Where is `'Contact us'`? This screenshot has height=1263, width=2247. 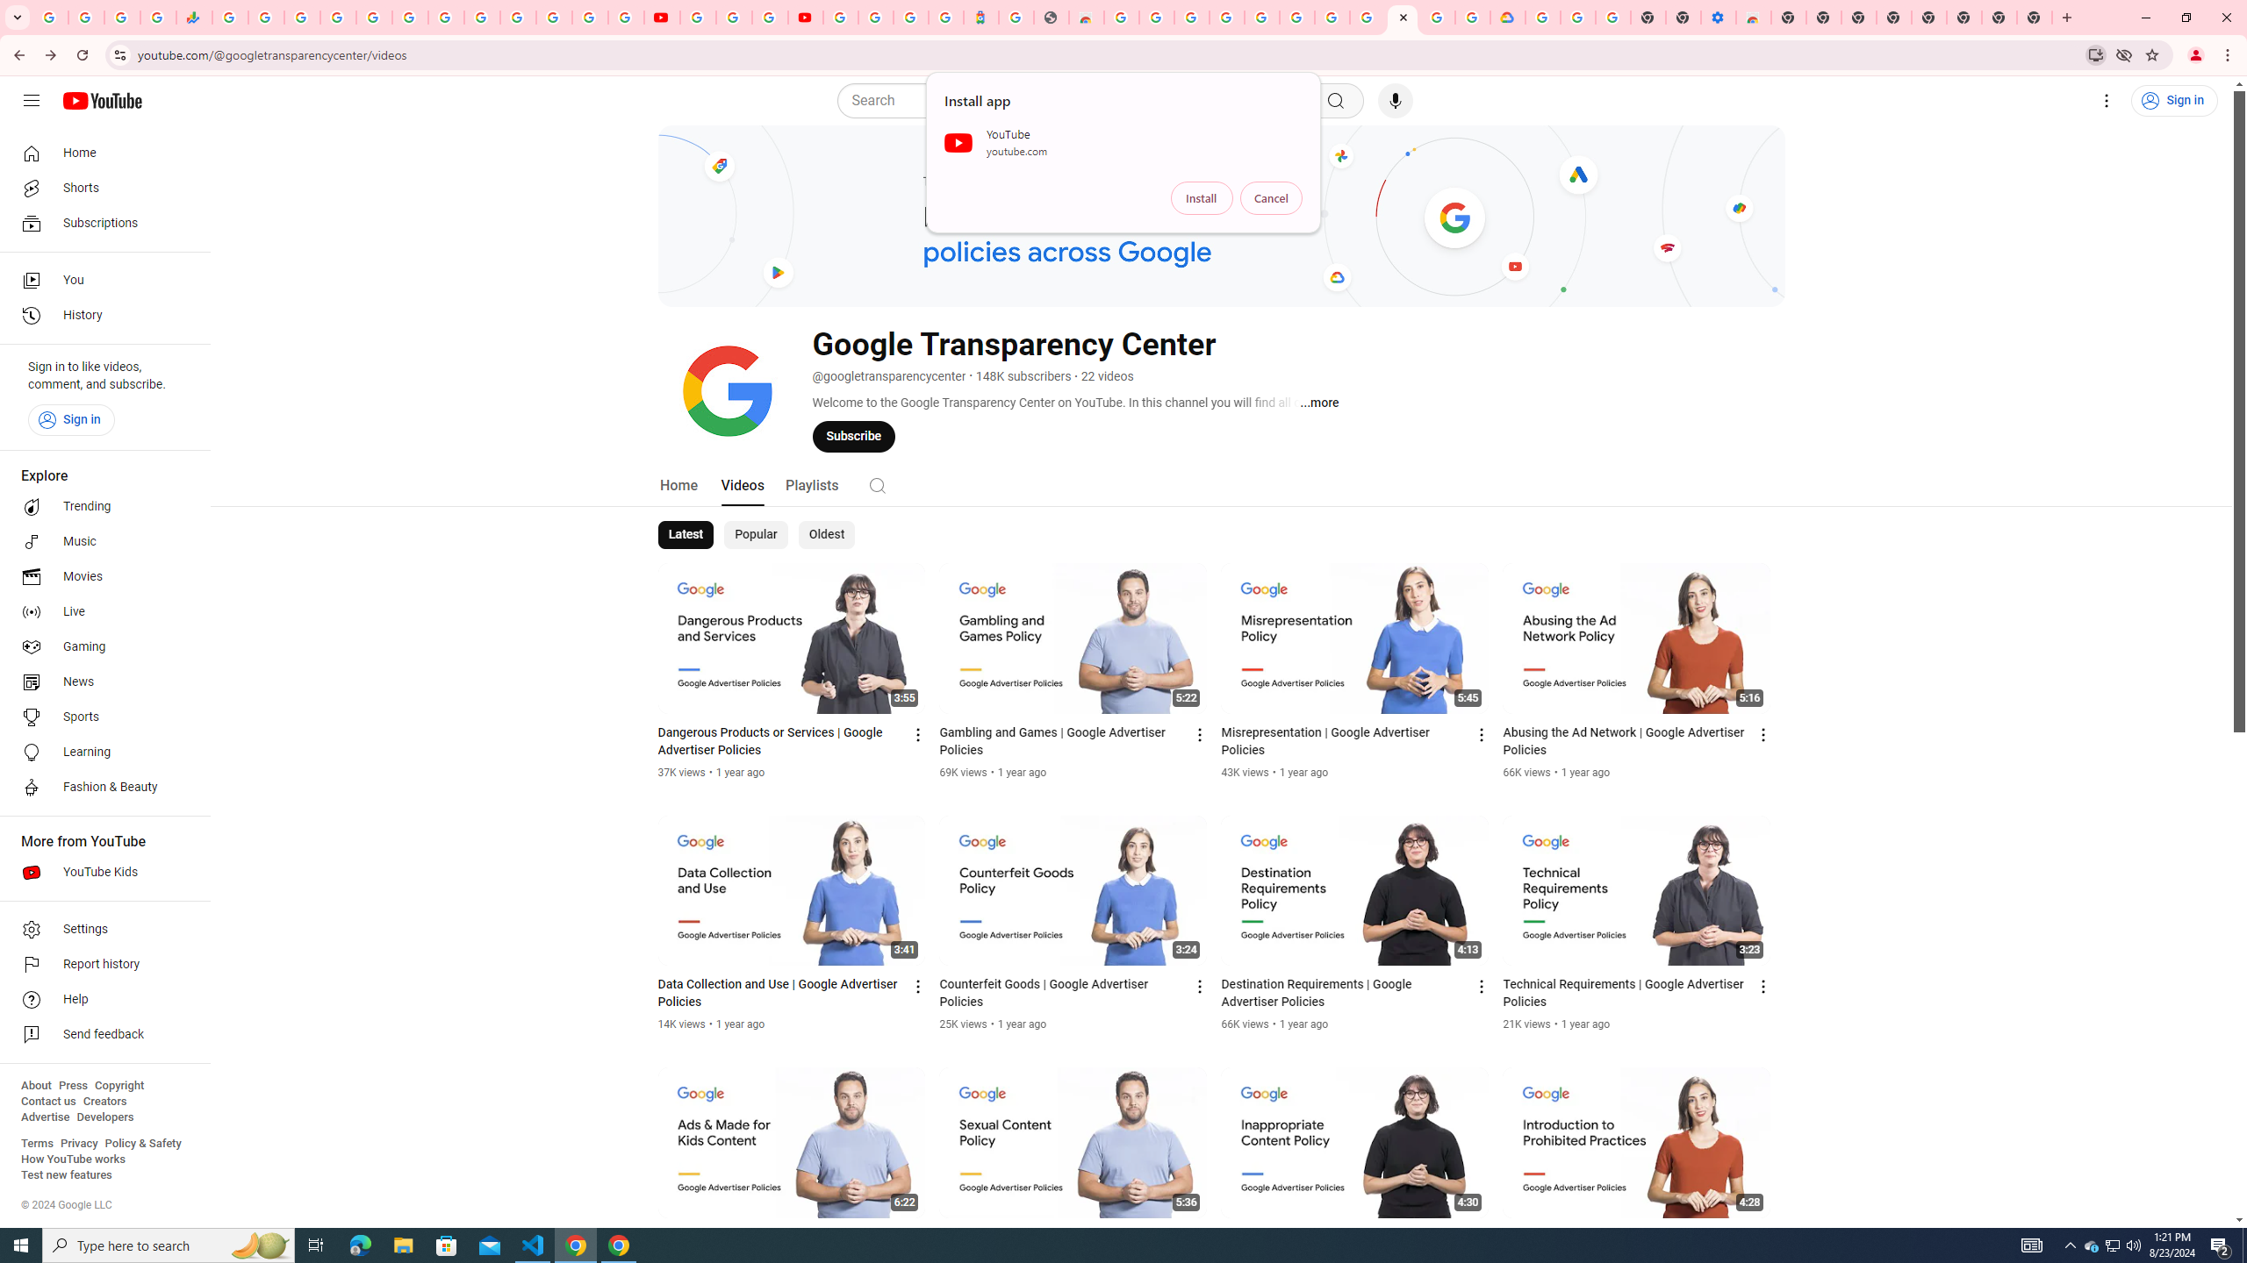 'Contact us' is located at coordinates (47, 1101).